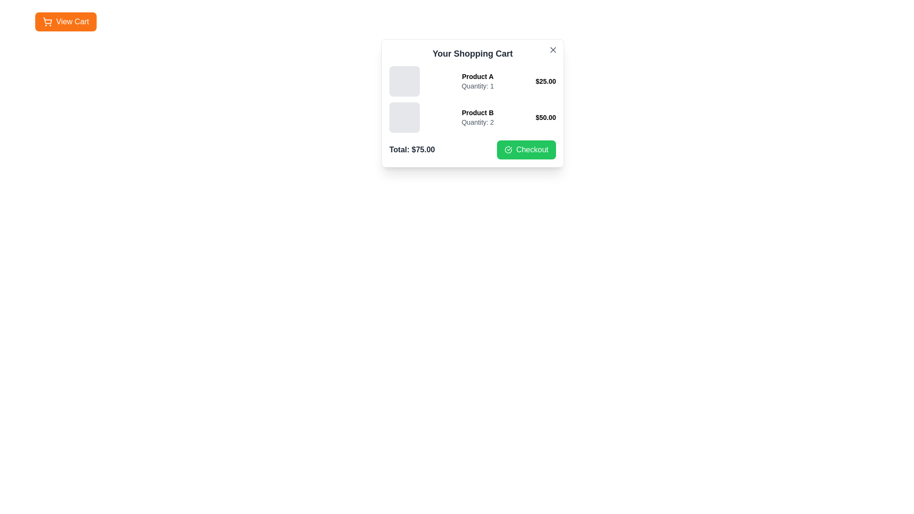  What do you see at coordinates (553, 49) in the screenshot?
I see `the small diagonal line segment of the 'X' icon in the upper-right corner of the shopping cart modal` at bounding box center [553, 49].